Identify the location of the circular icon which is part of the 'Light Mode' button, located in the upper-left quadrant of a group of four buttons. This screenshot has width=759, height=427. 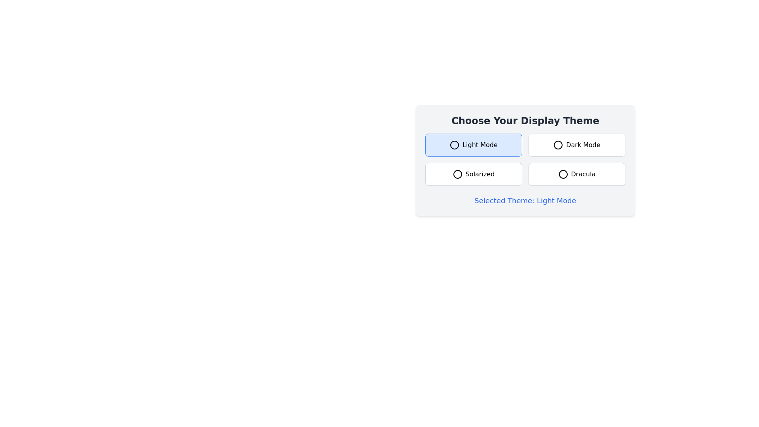
(455, 145).